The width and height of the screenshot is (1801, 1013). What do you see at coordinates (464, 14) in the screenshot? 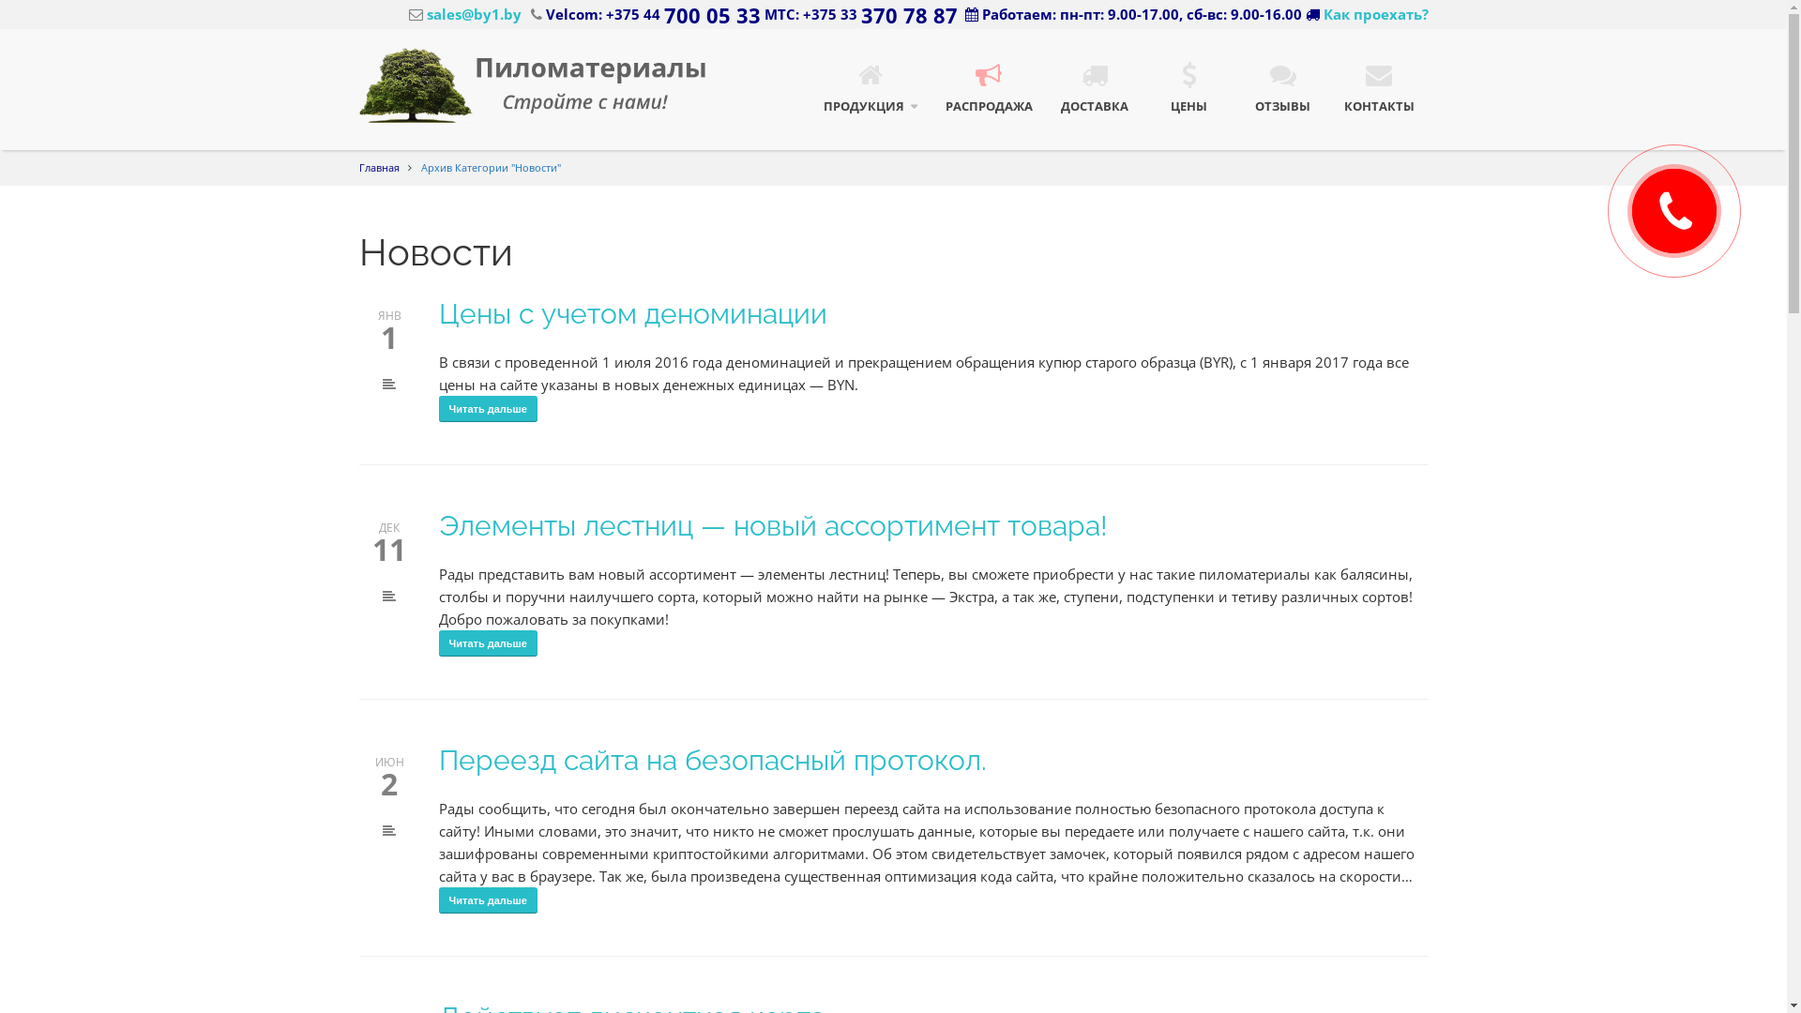
I see `'sales@by1.by'` at bounding box center [464, 14].